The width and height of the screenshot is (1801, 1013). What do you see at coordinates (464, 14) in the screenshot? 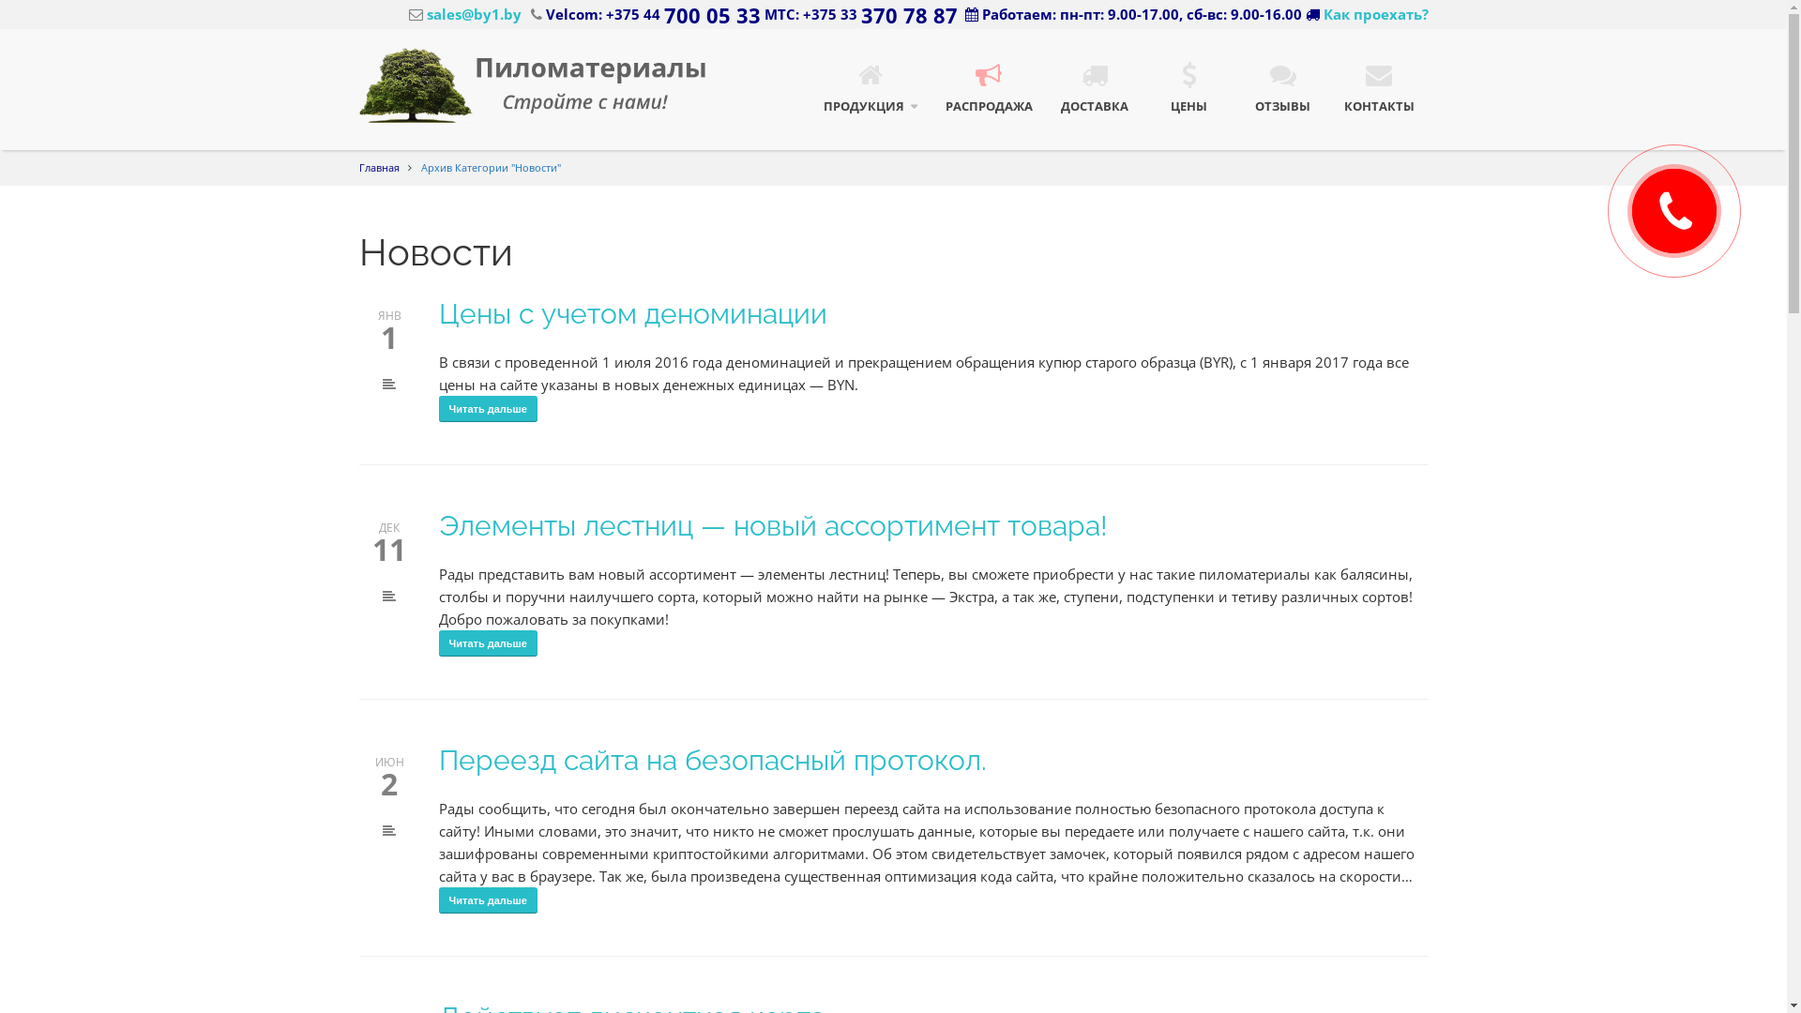
I see `'sales@by1.by'` at bounding box center [464, 14].